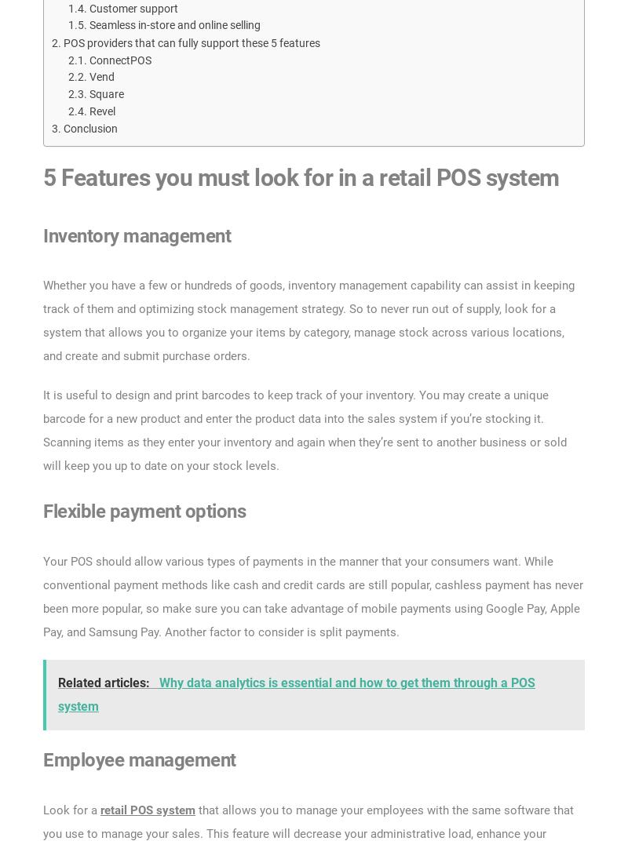 The image size is (628, 841). What do you see at coordinates (300, 177) in the screenshot?
I see `'5 Features you must look for in a retail POS system'` at bounding box center [300, 177].